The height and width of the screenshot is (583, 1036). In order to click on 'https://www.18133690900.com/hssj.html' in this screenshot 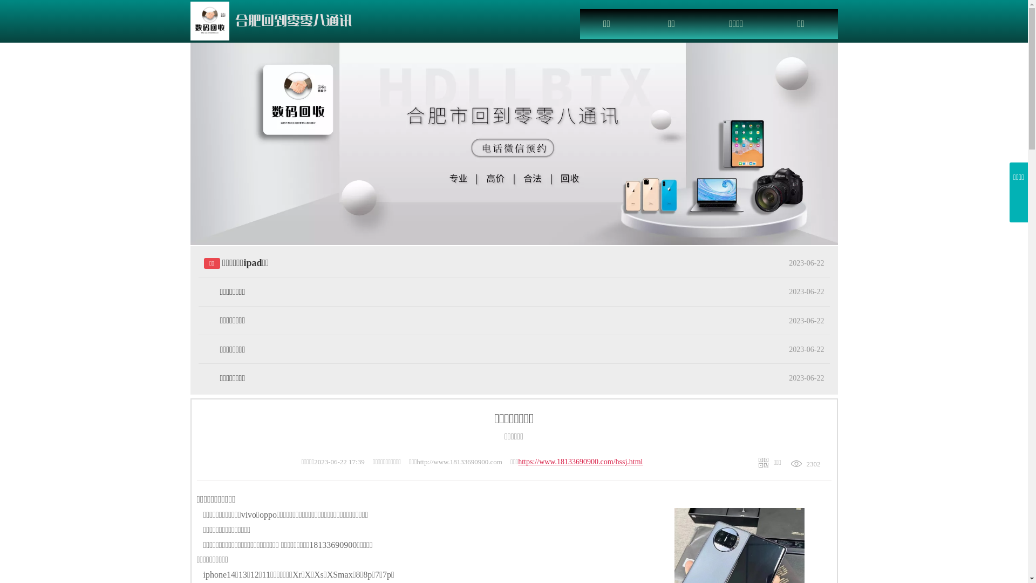, I will do `click(580, 462)`.